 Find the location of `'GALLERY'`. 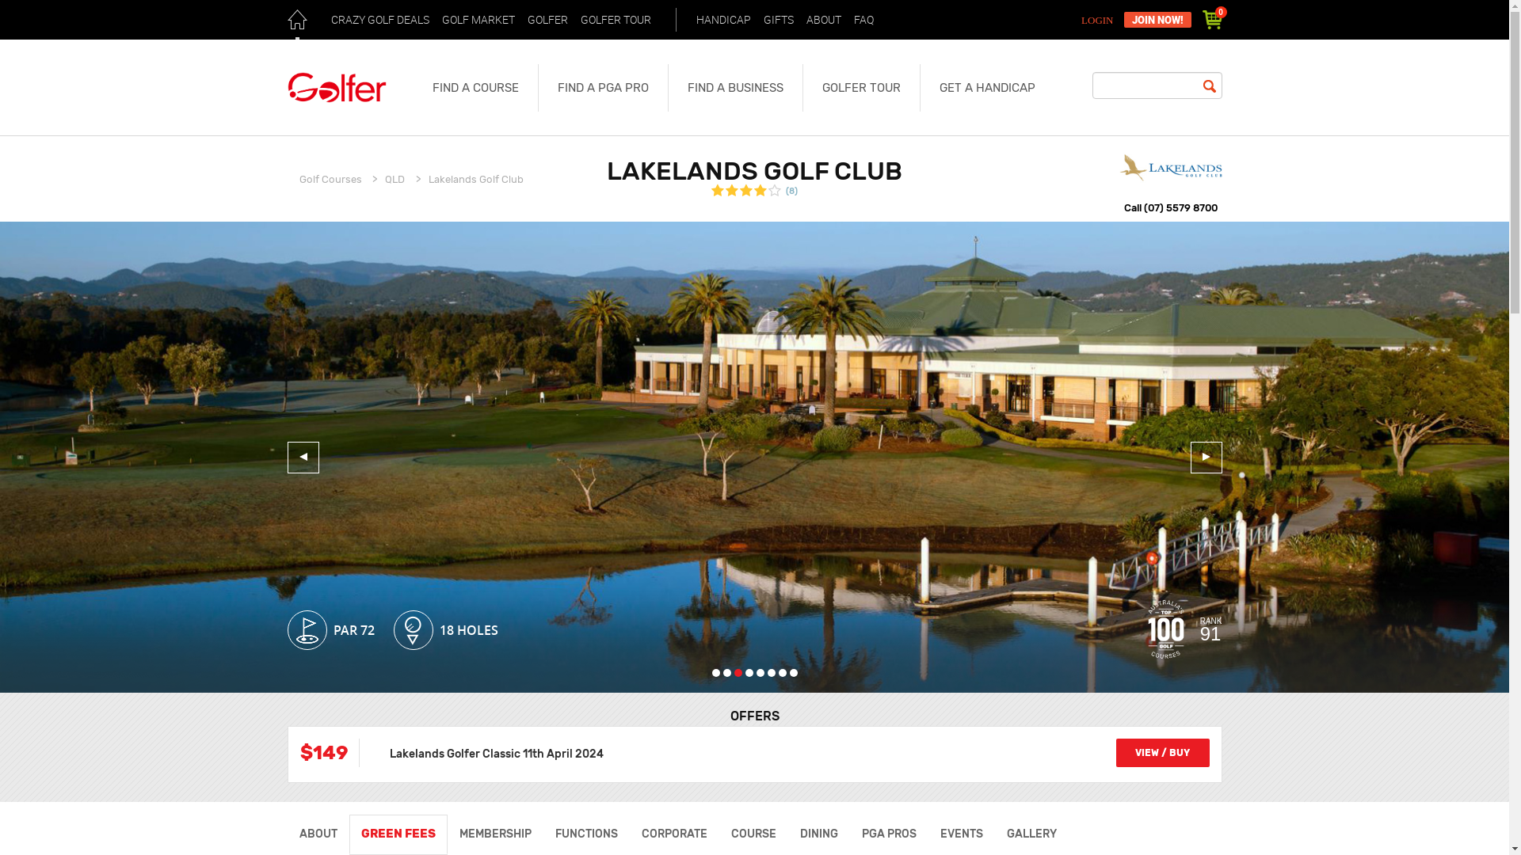

'GALLERY' is located at coordinates (1031, 833).